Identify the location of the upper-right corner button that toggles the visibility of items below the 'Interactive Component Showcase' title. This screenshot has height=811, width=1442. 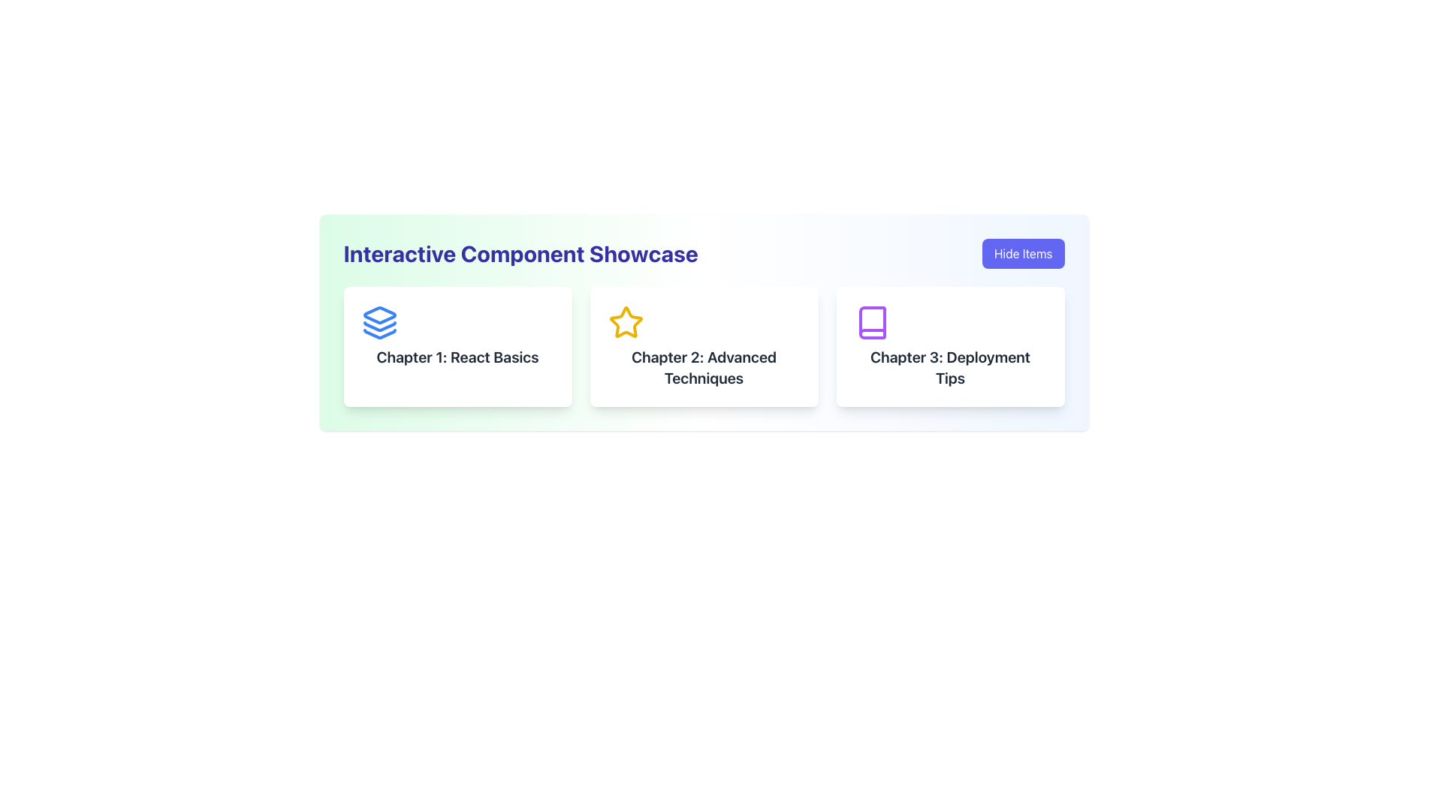
(1022, 253).